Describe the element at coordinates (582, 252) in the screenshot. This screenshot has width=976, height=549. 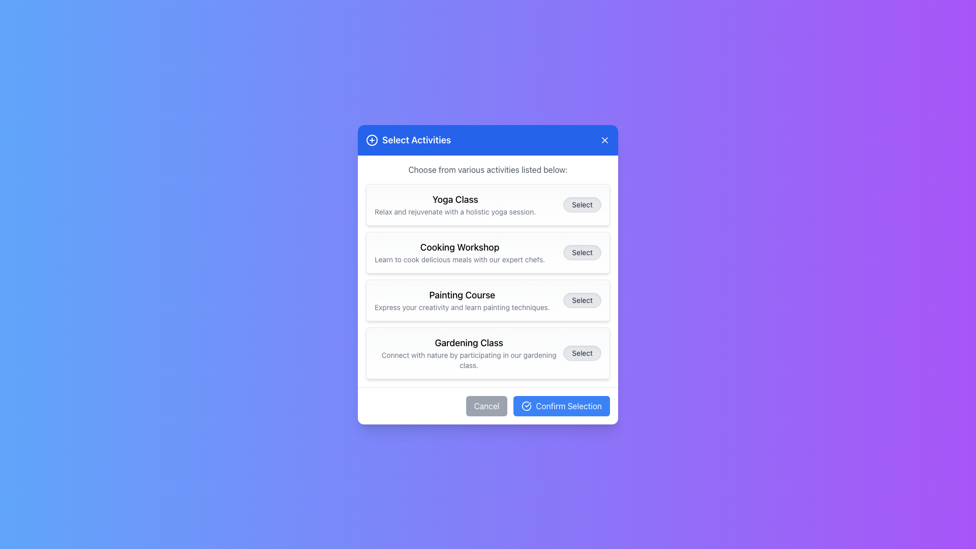
I see `the 'Select' button, which is a pill-shaped button with a light gray background and rounded edges, located to the right of the 'Cooking Workshop' item` at that location.